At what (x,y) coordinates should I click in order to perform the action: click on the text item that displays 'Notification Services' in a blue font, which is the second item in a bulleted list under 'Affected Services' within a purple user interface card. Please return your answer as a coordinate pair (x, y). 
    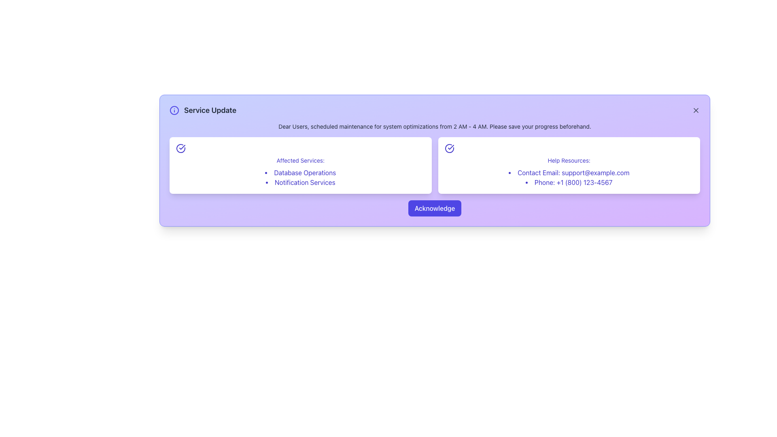
    Looking at the image, I should click on (300, 182).